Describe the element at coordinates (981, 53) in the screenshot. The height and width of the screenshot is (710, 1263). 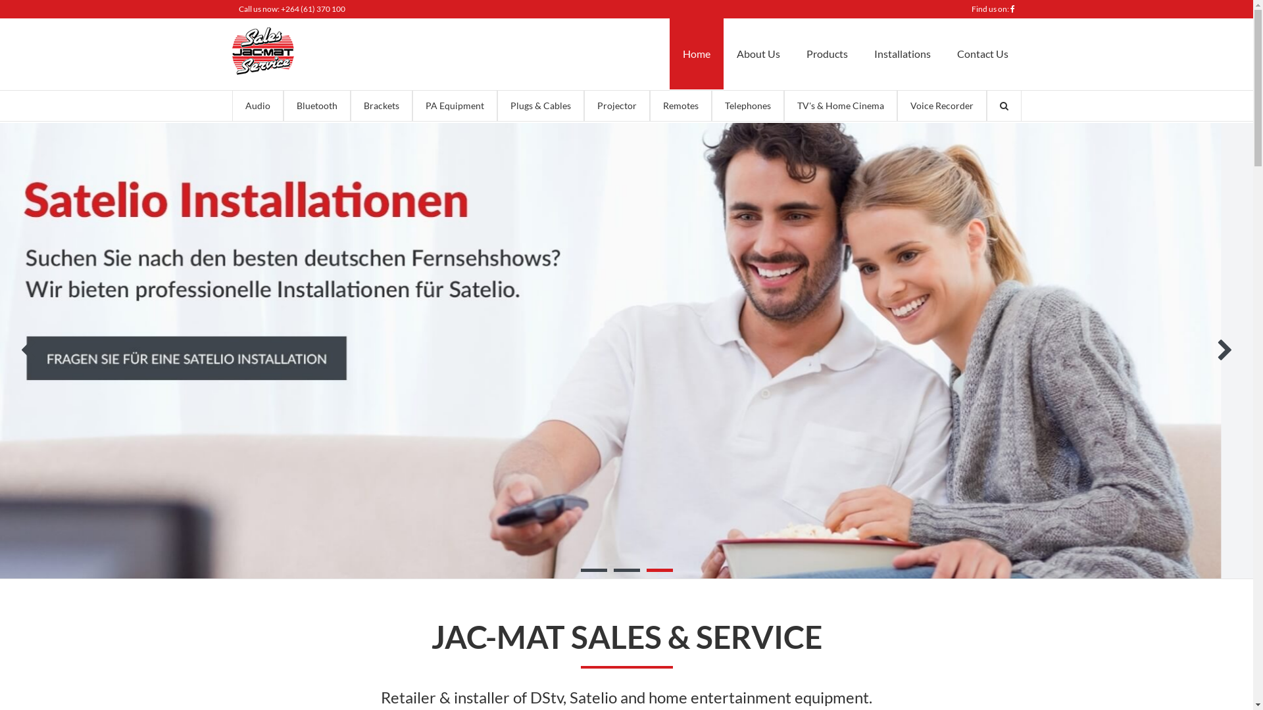
I see `'Contact Us'` at that location.